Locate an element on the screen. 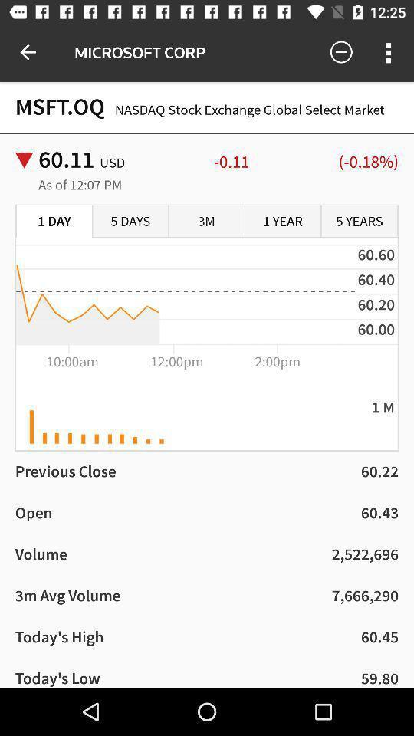  the item to the right of microsoft corp item is located at coordinates (341, 52).